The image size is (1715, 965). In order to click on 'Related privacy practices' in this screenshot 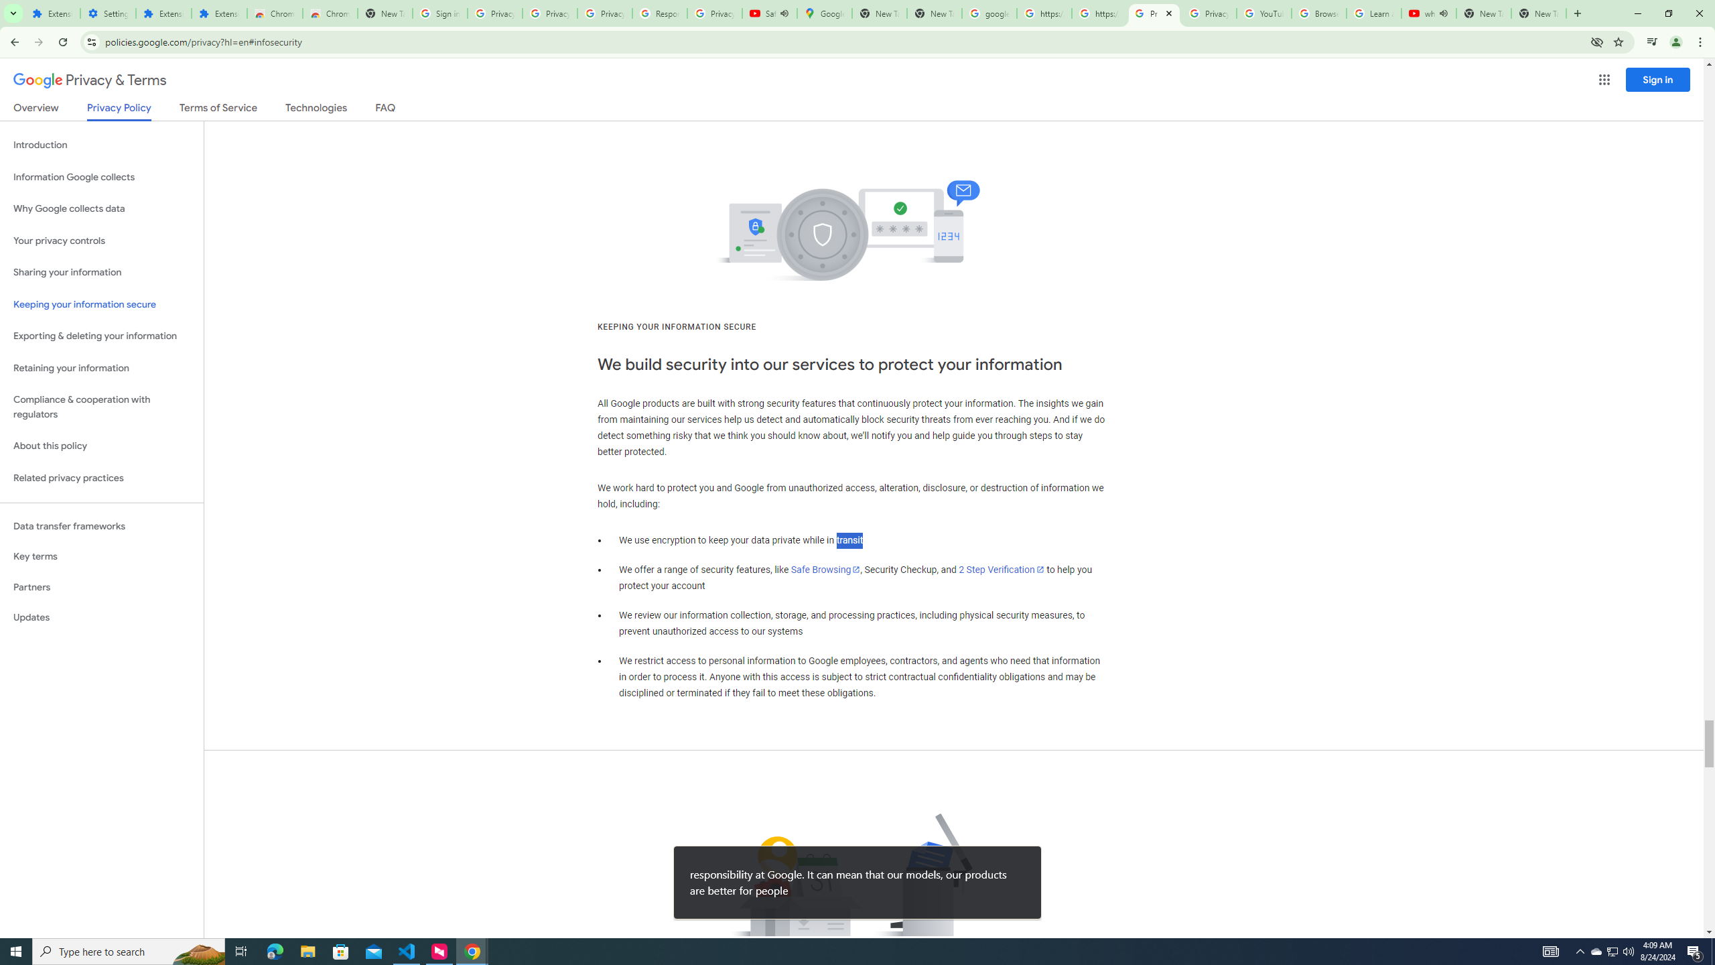, I will do `click(101, 477)`.